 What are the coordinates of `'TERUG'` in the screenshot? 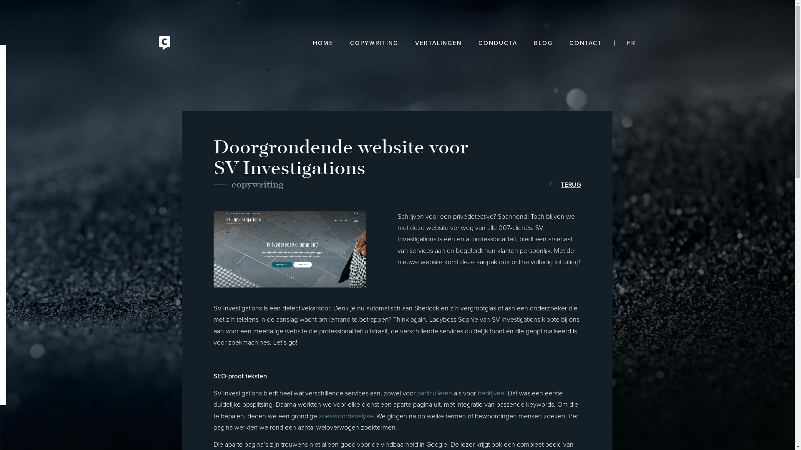 It's located at (566, 184).